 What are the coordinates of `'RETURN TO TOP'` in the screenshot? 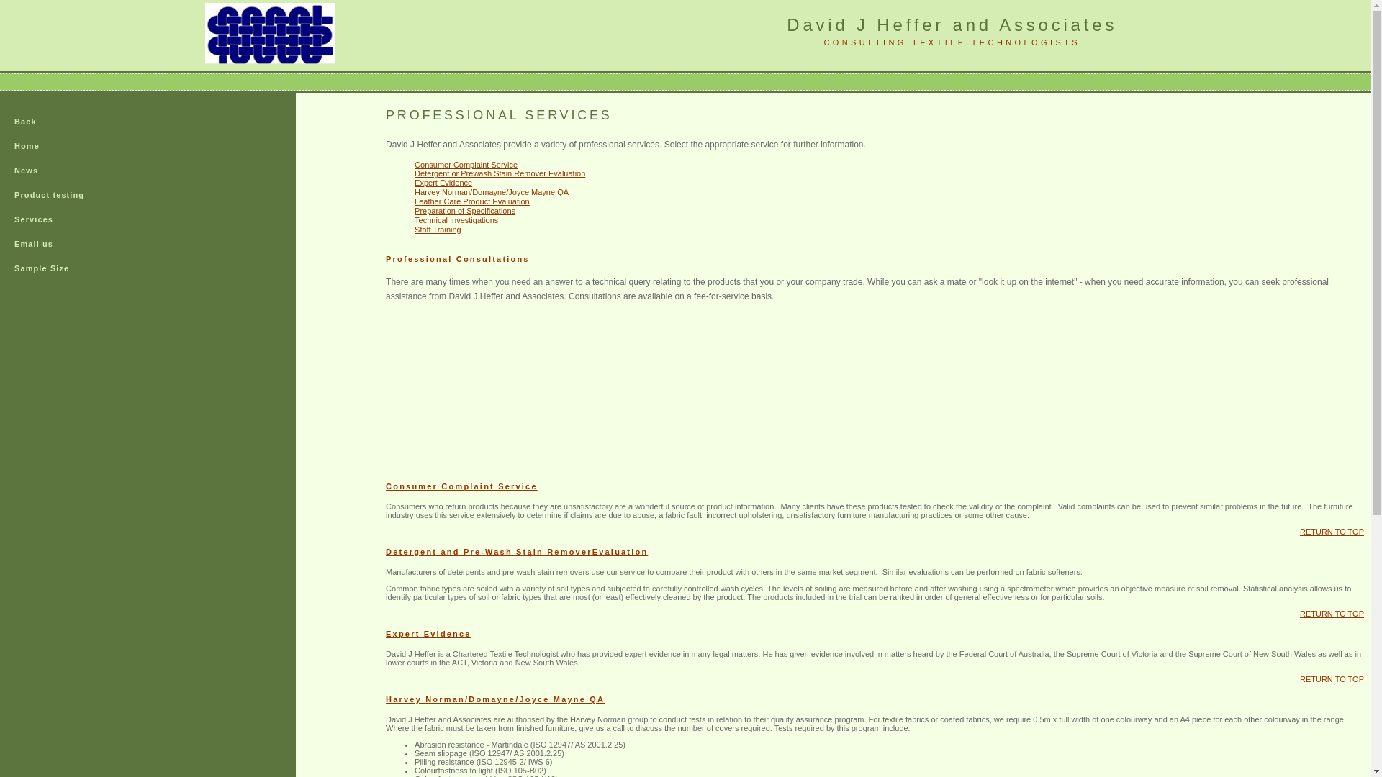 It's located at (1331, 613).